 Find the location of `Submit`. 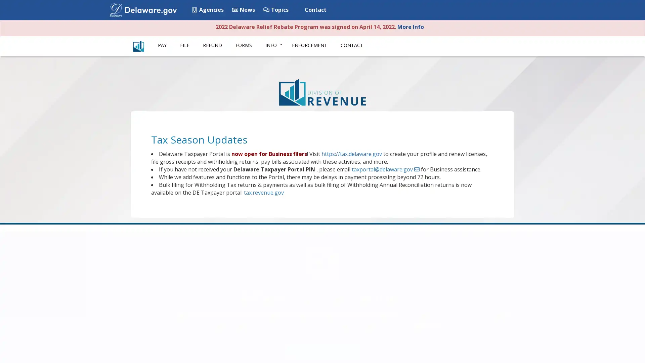

Submit is located at coordinates (512, 10).